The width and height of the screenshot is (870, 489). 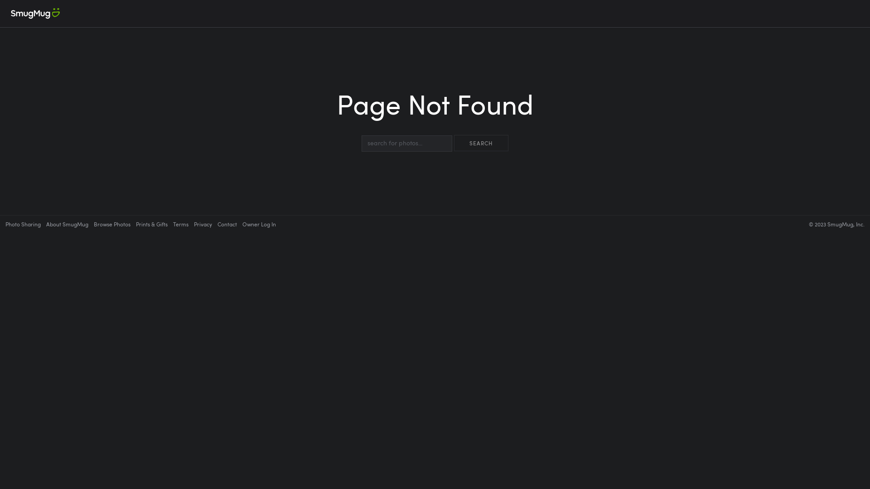 I want to click on 'Photo Sharing', so click(x=23, y=224).